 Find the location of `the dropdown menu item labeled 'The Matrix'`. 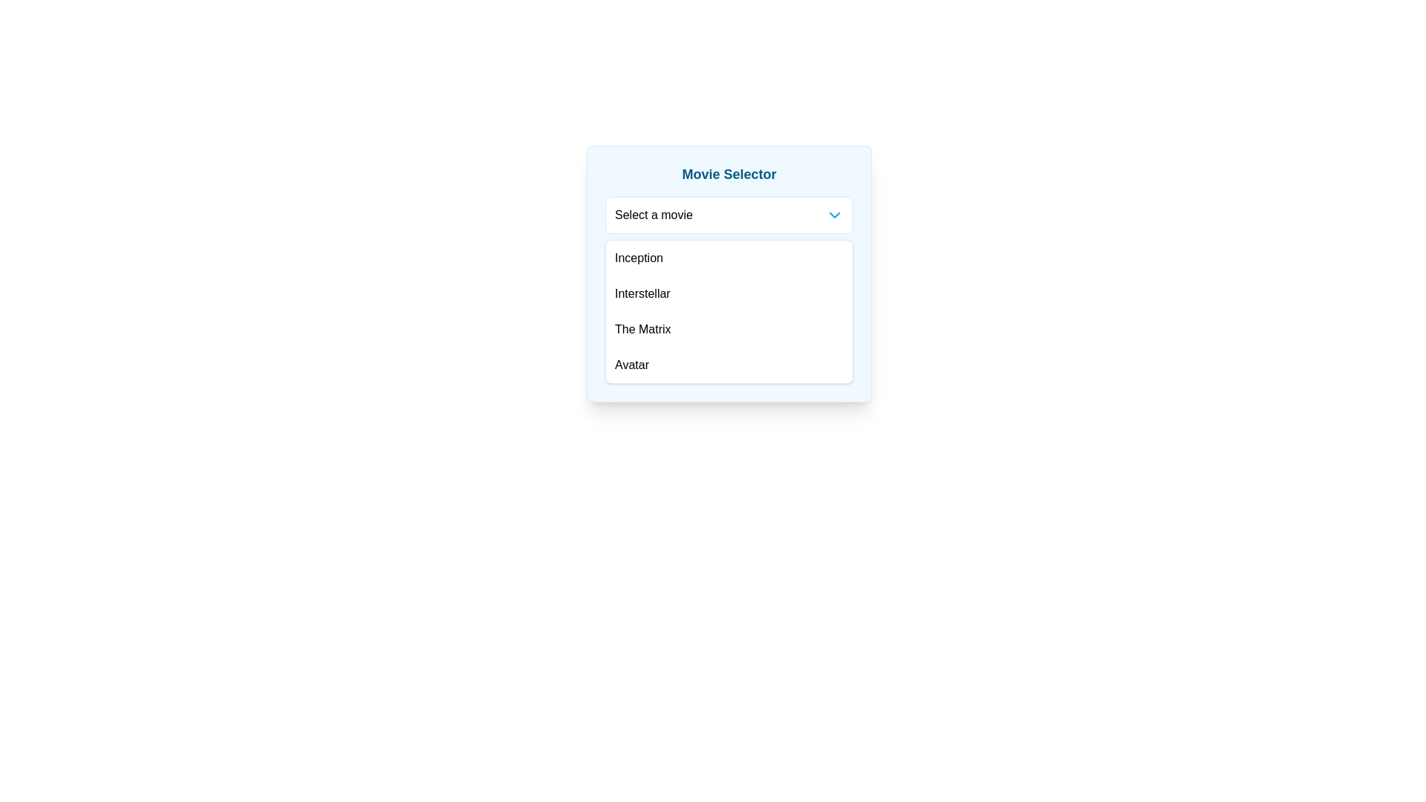

the dropdown menu item labeled 'The Matrix' is located at coordinates (642, 328).